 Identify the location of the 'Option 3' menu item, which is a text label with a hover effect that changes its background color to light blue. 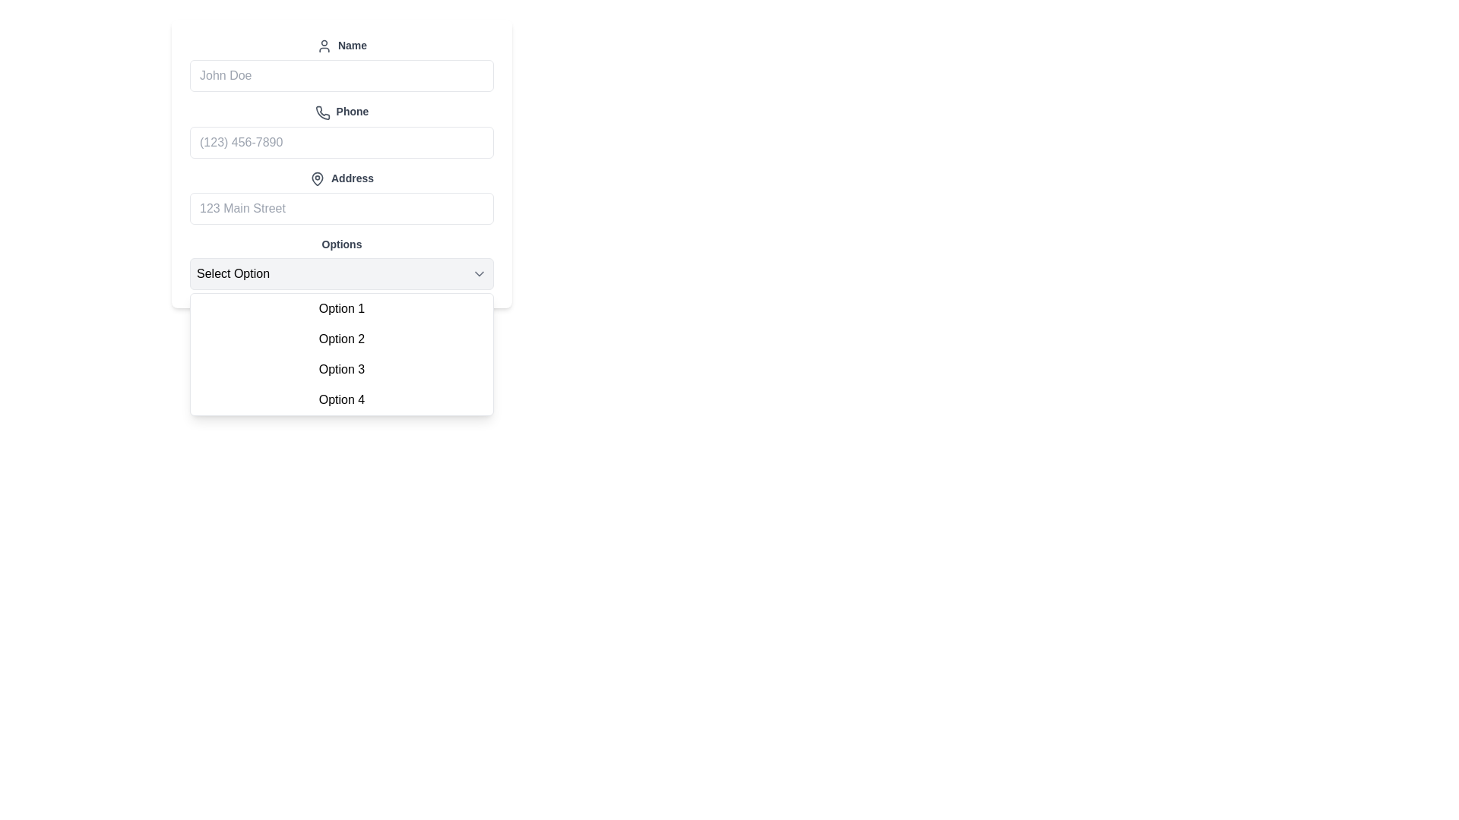
(341, 369).